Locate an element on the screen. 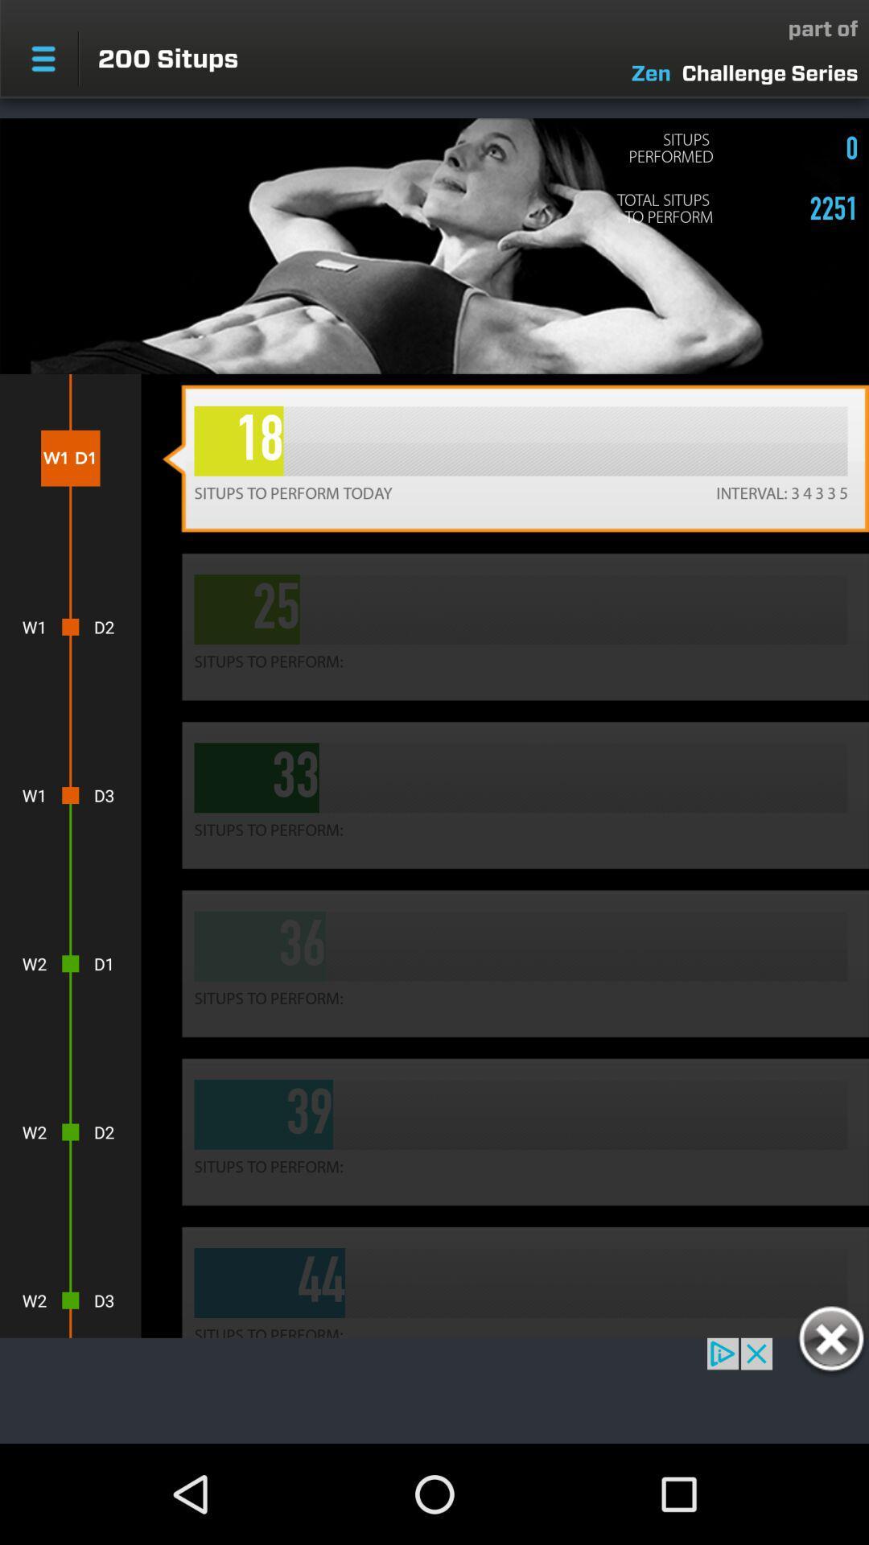 This screenshot has width=869, height=1545. button is located at coordinates (830, 1341).